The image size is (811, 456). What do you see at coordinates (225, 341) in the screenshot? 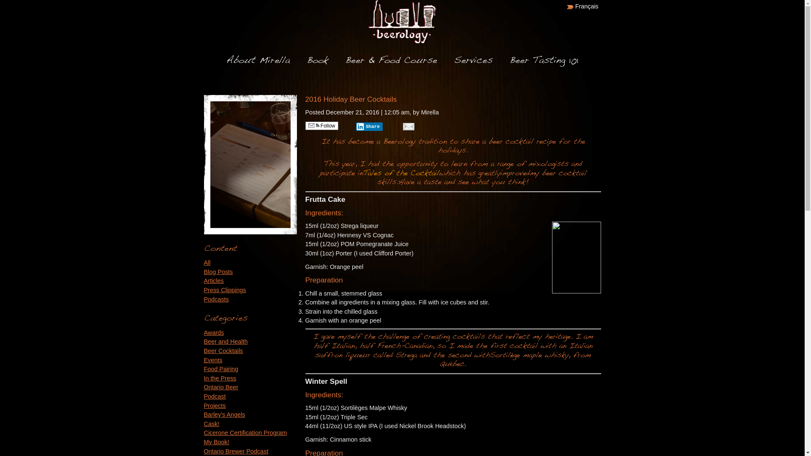
I see `'Beer and Health'` at bounding box center [225, 341].